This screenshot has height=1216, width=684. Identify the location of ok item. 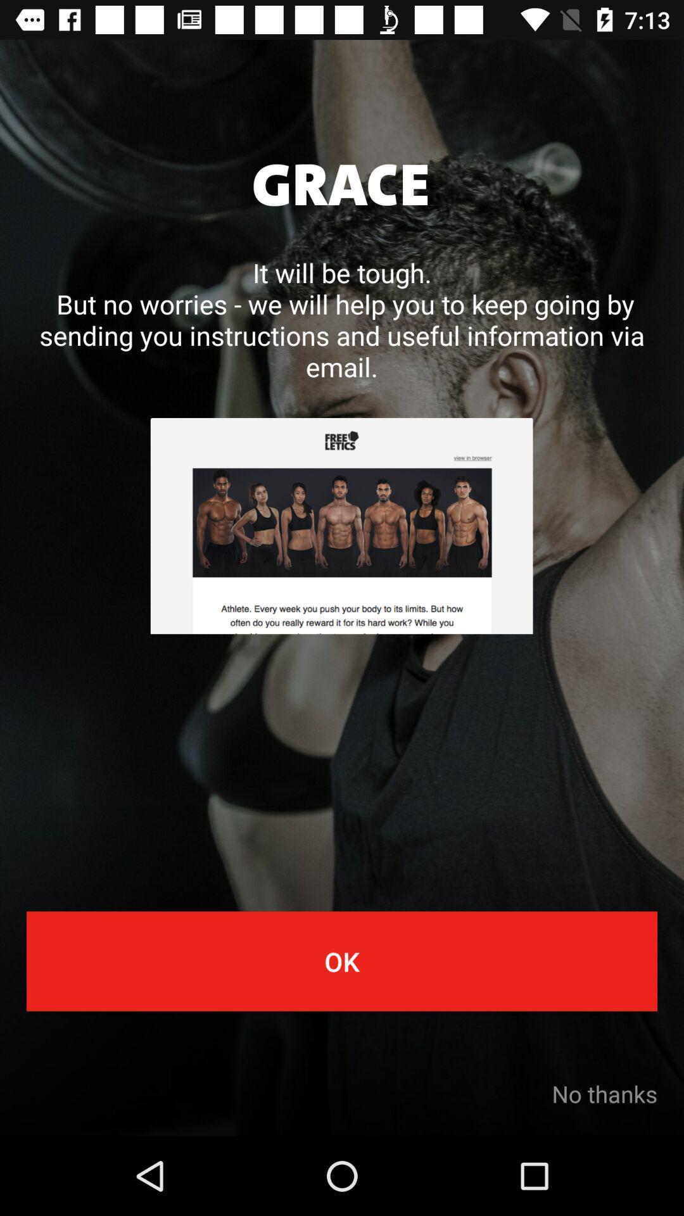
(342, 961).